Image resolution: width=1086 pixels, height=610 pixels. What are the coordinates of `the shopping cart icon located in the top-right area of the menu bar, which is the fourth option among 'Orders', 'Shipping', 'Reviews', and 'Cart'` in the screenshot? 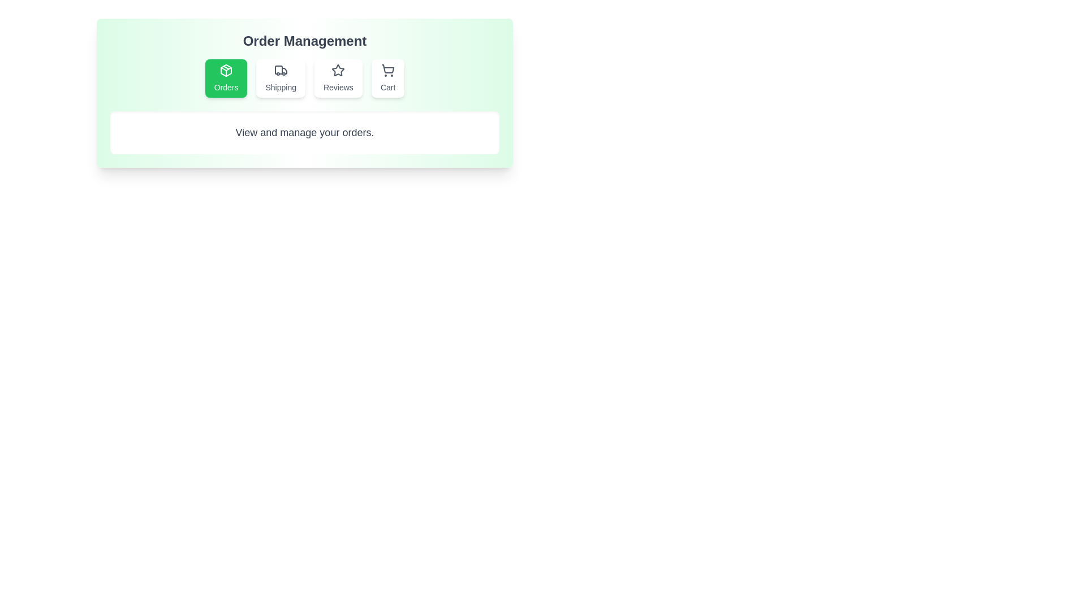 It's located at (388, 69).